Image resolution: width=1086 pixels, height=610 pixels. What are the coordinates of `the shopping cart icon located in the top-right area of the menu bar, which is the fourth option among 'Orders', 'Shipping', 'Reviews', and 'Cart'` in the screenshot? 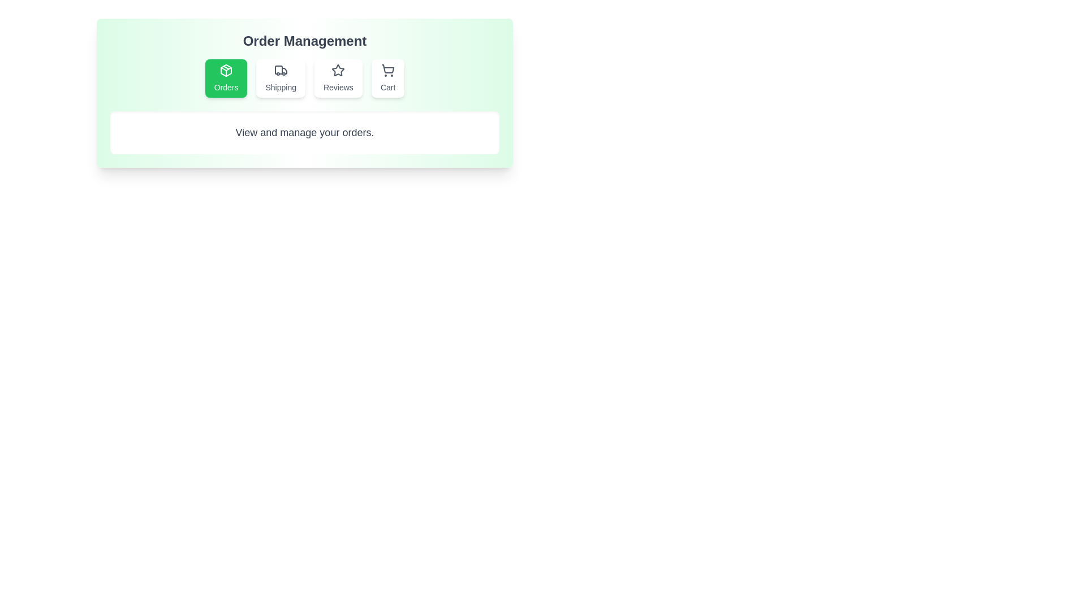 It's located at (388, 69).